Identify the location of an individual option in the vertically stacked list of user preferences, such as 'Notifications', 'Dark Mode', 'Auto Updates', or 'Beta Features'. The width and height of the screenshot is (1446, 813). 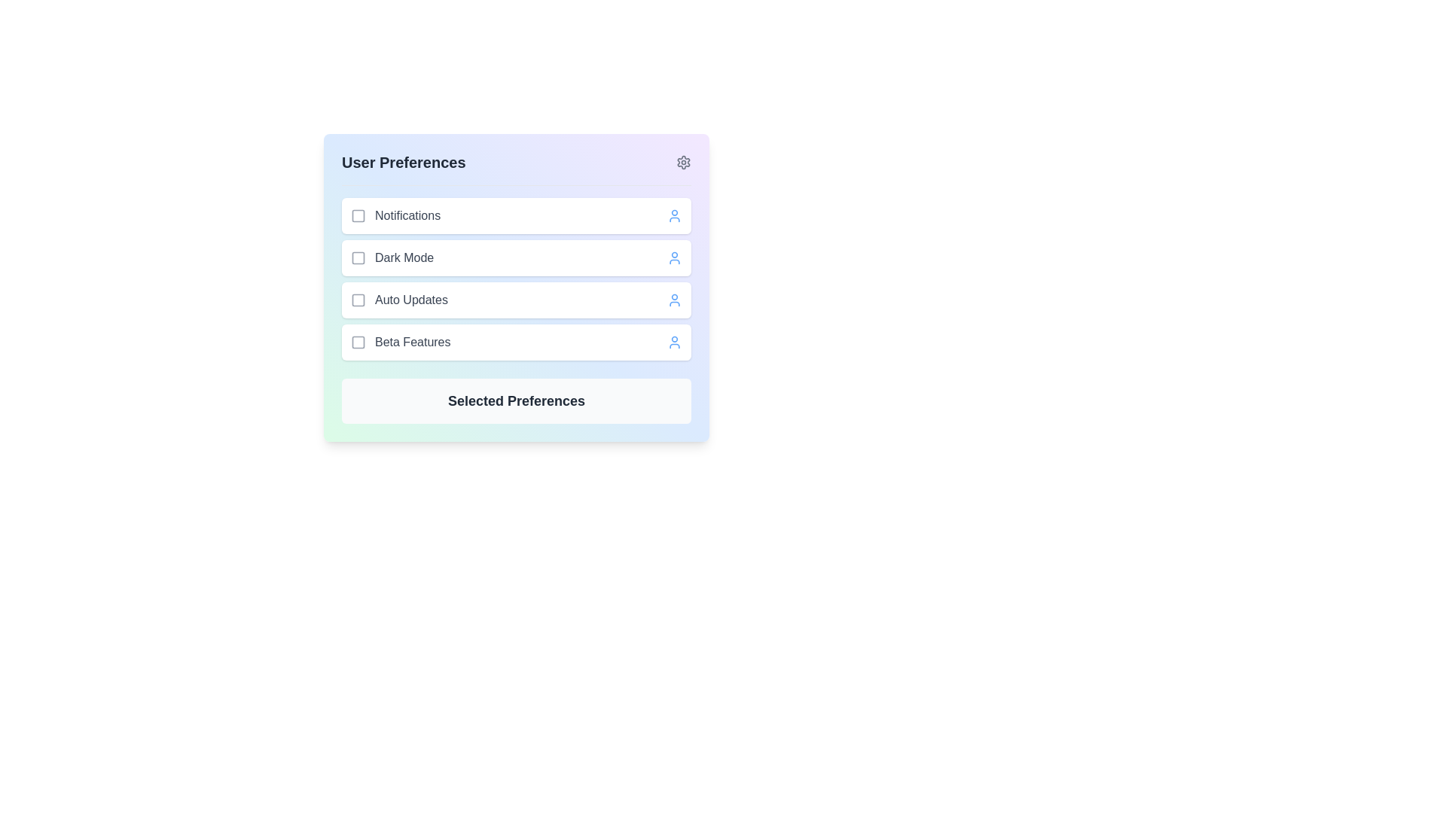
(517, 279).